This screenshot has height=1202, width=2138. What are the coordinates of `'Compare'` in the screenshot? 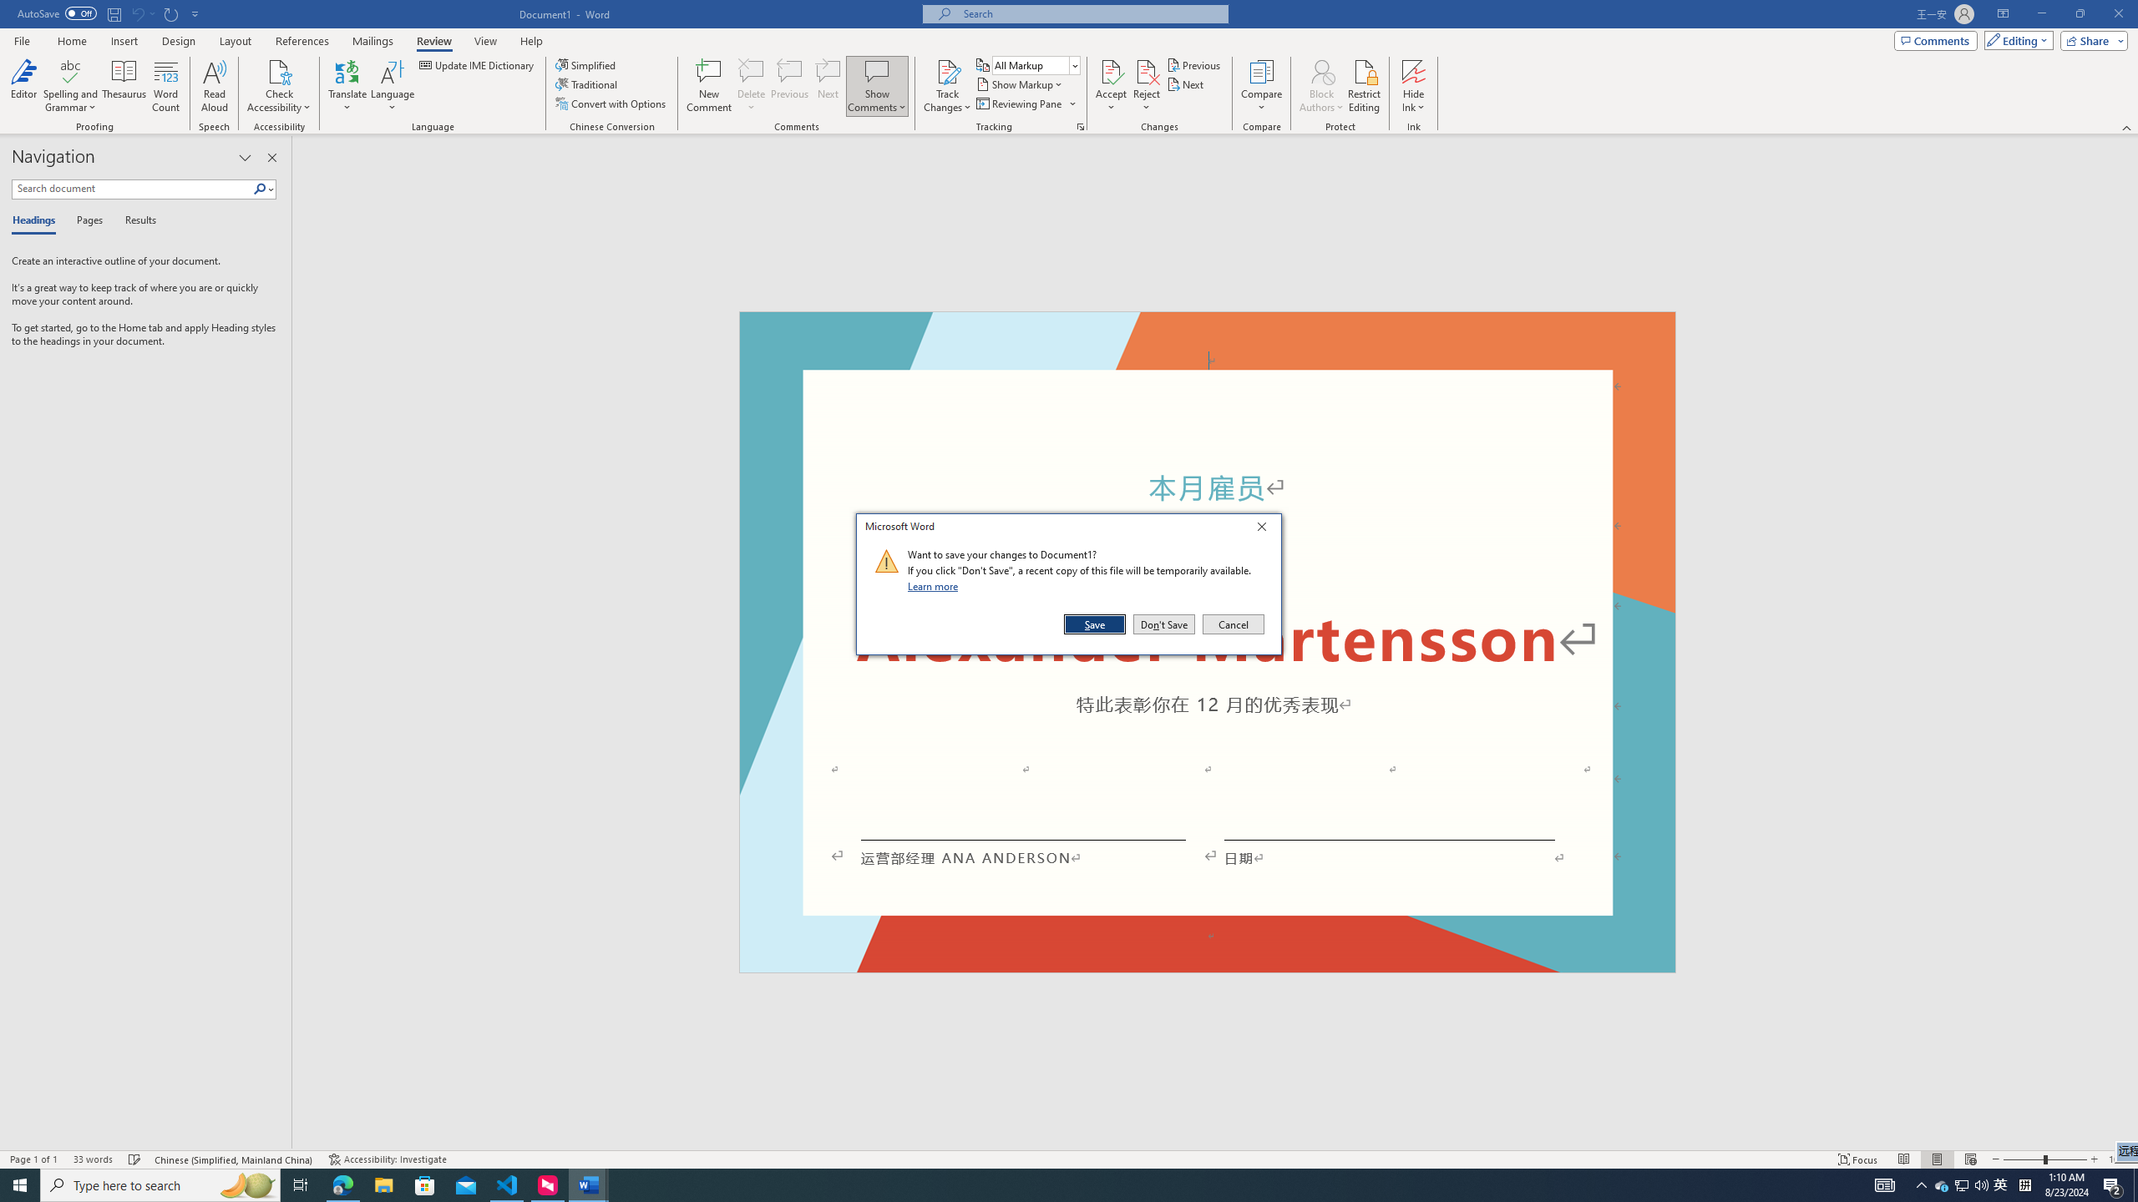 It's located at (1262, 86).